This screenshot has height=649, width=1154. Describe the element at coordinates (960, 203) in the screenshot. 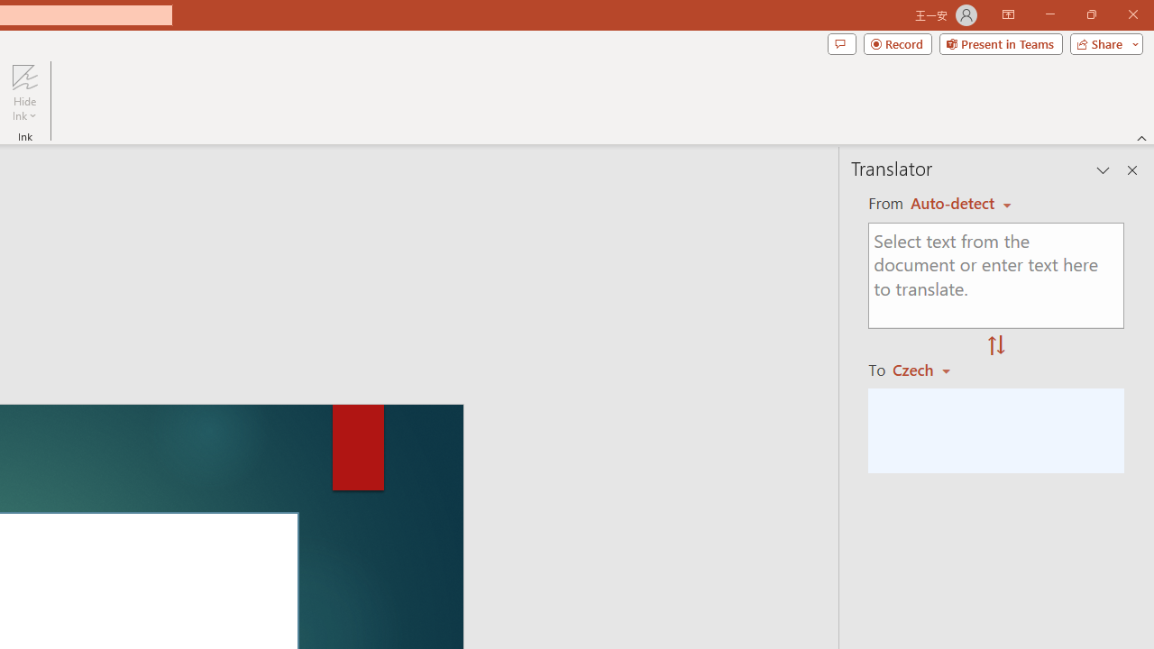

I see `'English'` at that location.